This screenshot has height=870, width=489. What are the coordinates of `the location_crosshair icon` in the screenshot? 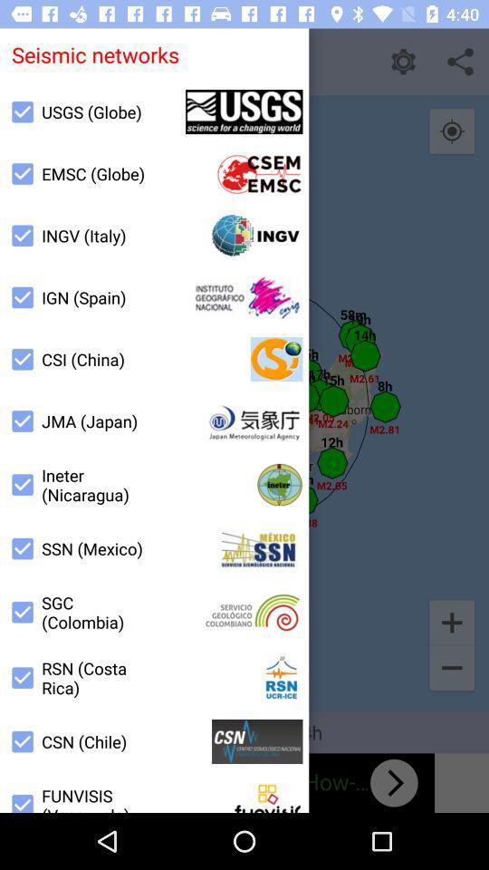 It's located at (451, 130).